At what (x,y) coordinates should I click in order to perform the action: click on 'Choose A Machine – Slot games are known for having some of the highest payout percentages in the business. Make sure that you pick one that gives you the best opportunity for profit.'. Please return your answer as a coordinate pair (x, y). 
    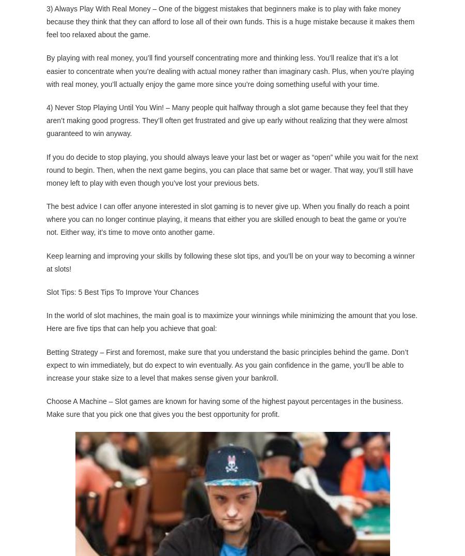
    Looking at the image, I should click on (224, 407).